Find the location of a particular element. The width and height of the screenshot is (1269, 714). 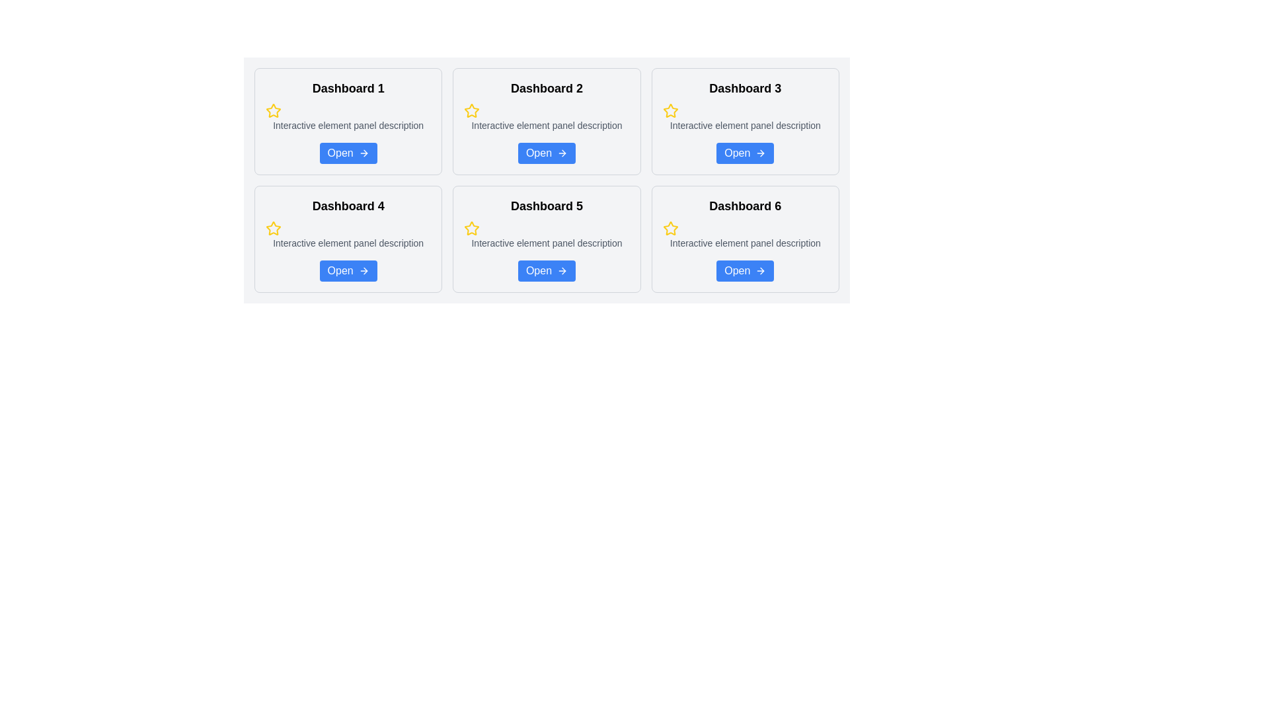

the text label displaying 'Interactive element panel description' located below the title 'Dashboard 3' and to the right of the star icon is located at coordinates (745, 125).